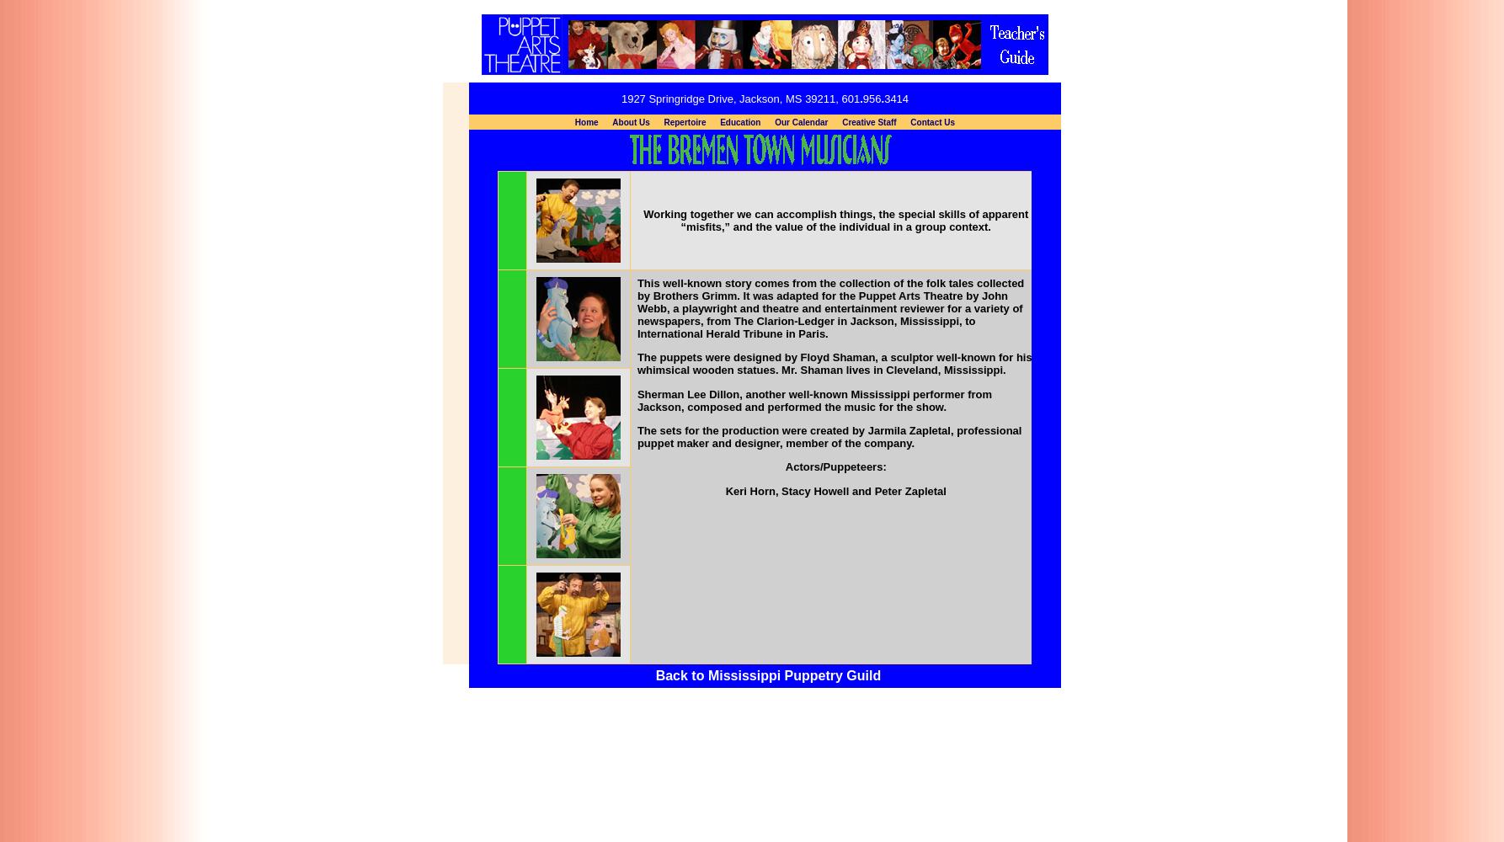  Describe the element at coordinates (835, 221) in the screenshot. I see `'Working together we can accomplish things, the special skills of apparent “misfits,” and the value of the individual in a group context.'` at that location.